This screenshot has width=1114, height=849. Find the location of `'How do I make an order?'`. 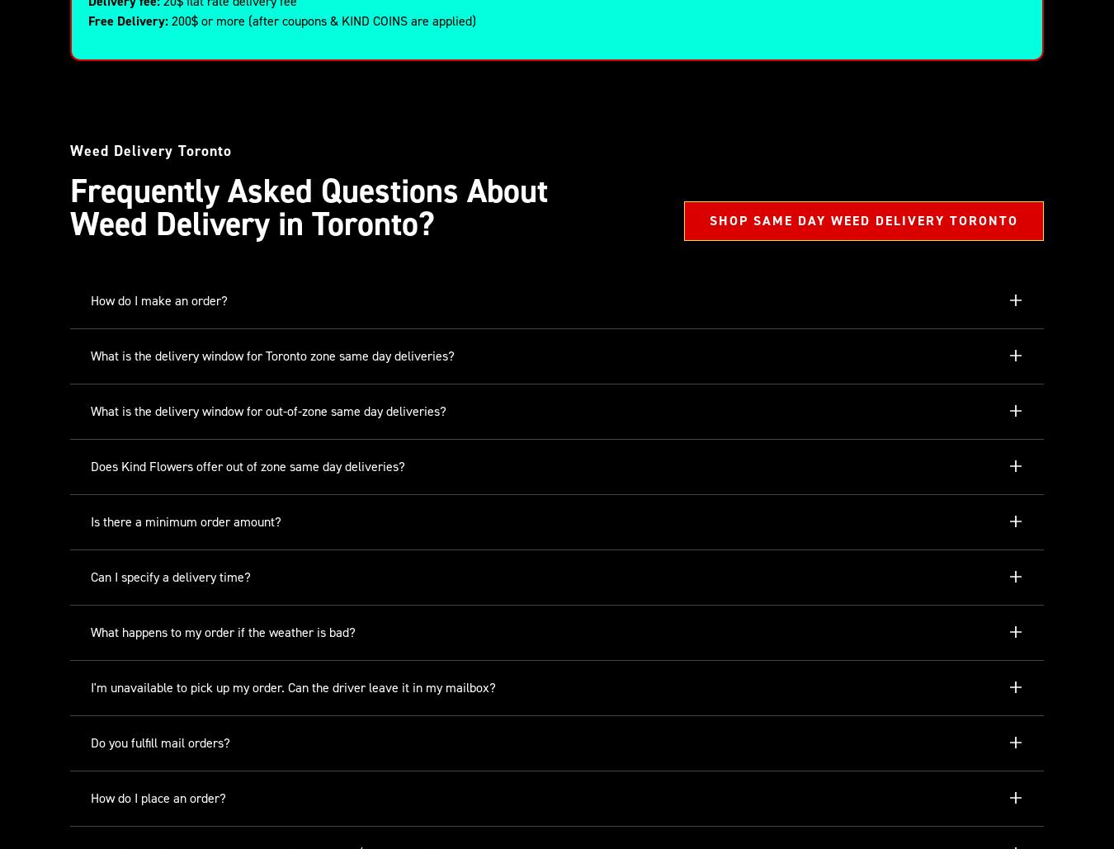

'How do I make an order?' is located at coordinates (159, 300).